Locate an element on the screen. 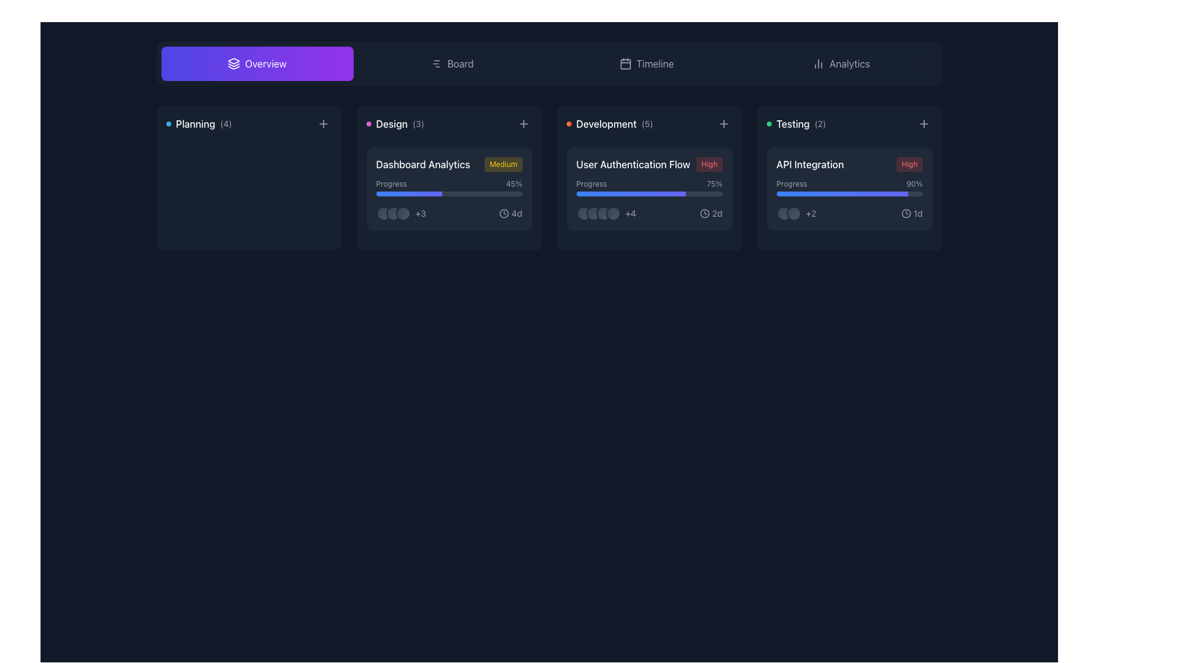  the clock icon located inside the 'User Authentication Flow' card in the 'Development' column, which is positioned immediately to the left of the text '2d' is located at coordinates (704, 212).